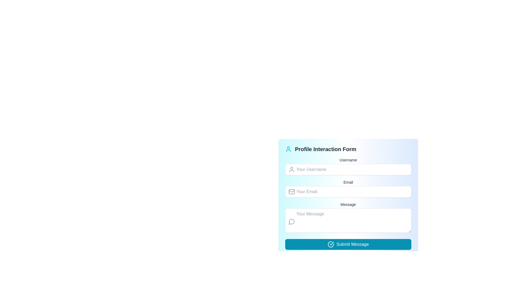 This screenshot has width=522, height=293. What do you see at coordinates (348, 149) in the screenshot?
I see `the Header text element` at bounding box center [348, 149].